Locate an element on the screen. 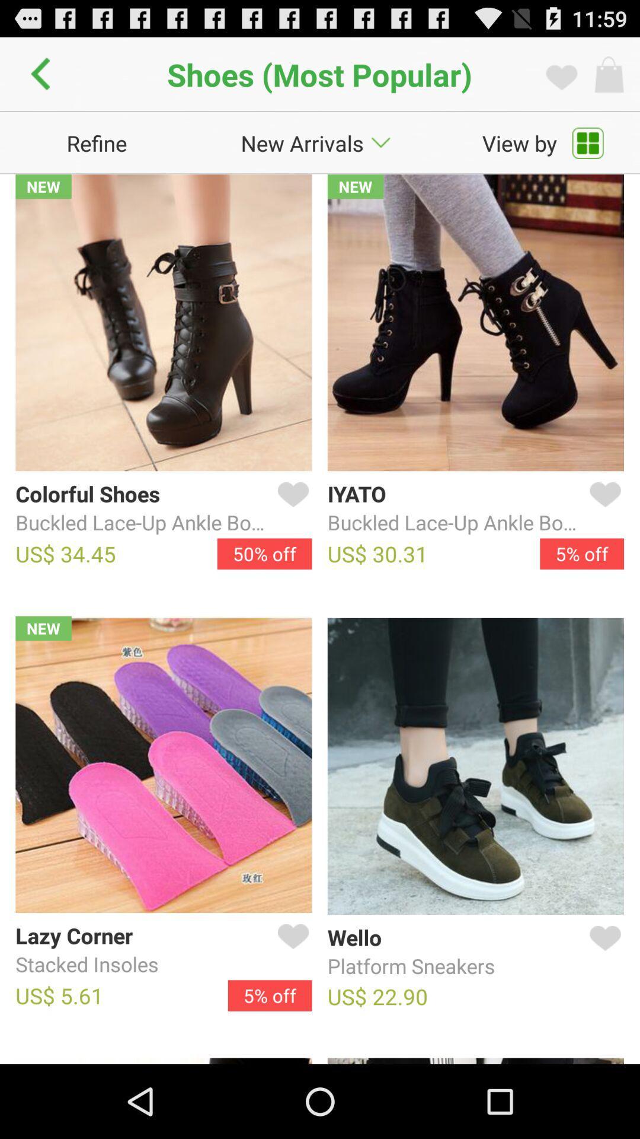  like element is located at coordinates (603, 952).